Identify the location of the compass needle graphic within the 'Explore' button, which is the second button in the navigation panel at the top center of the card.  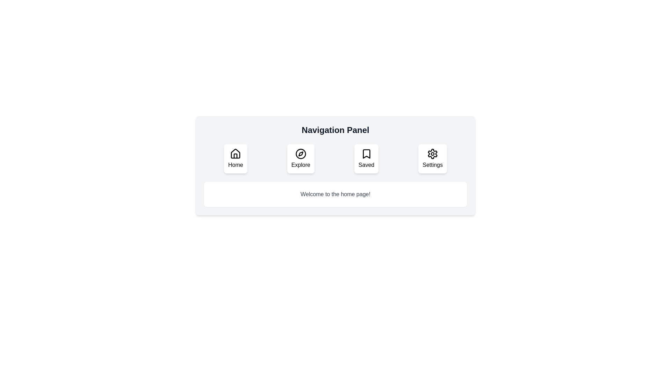
(301, 153).